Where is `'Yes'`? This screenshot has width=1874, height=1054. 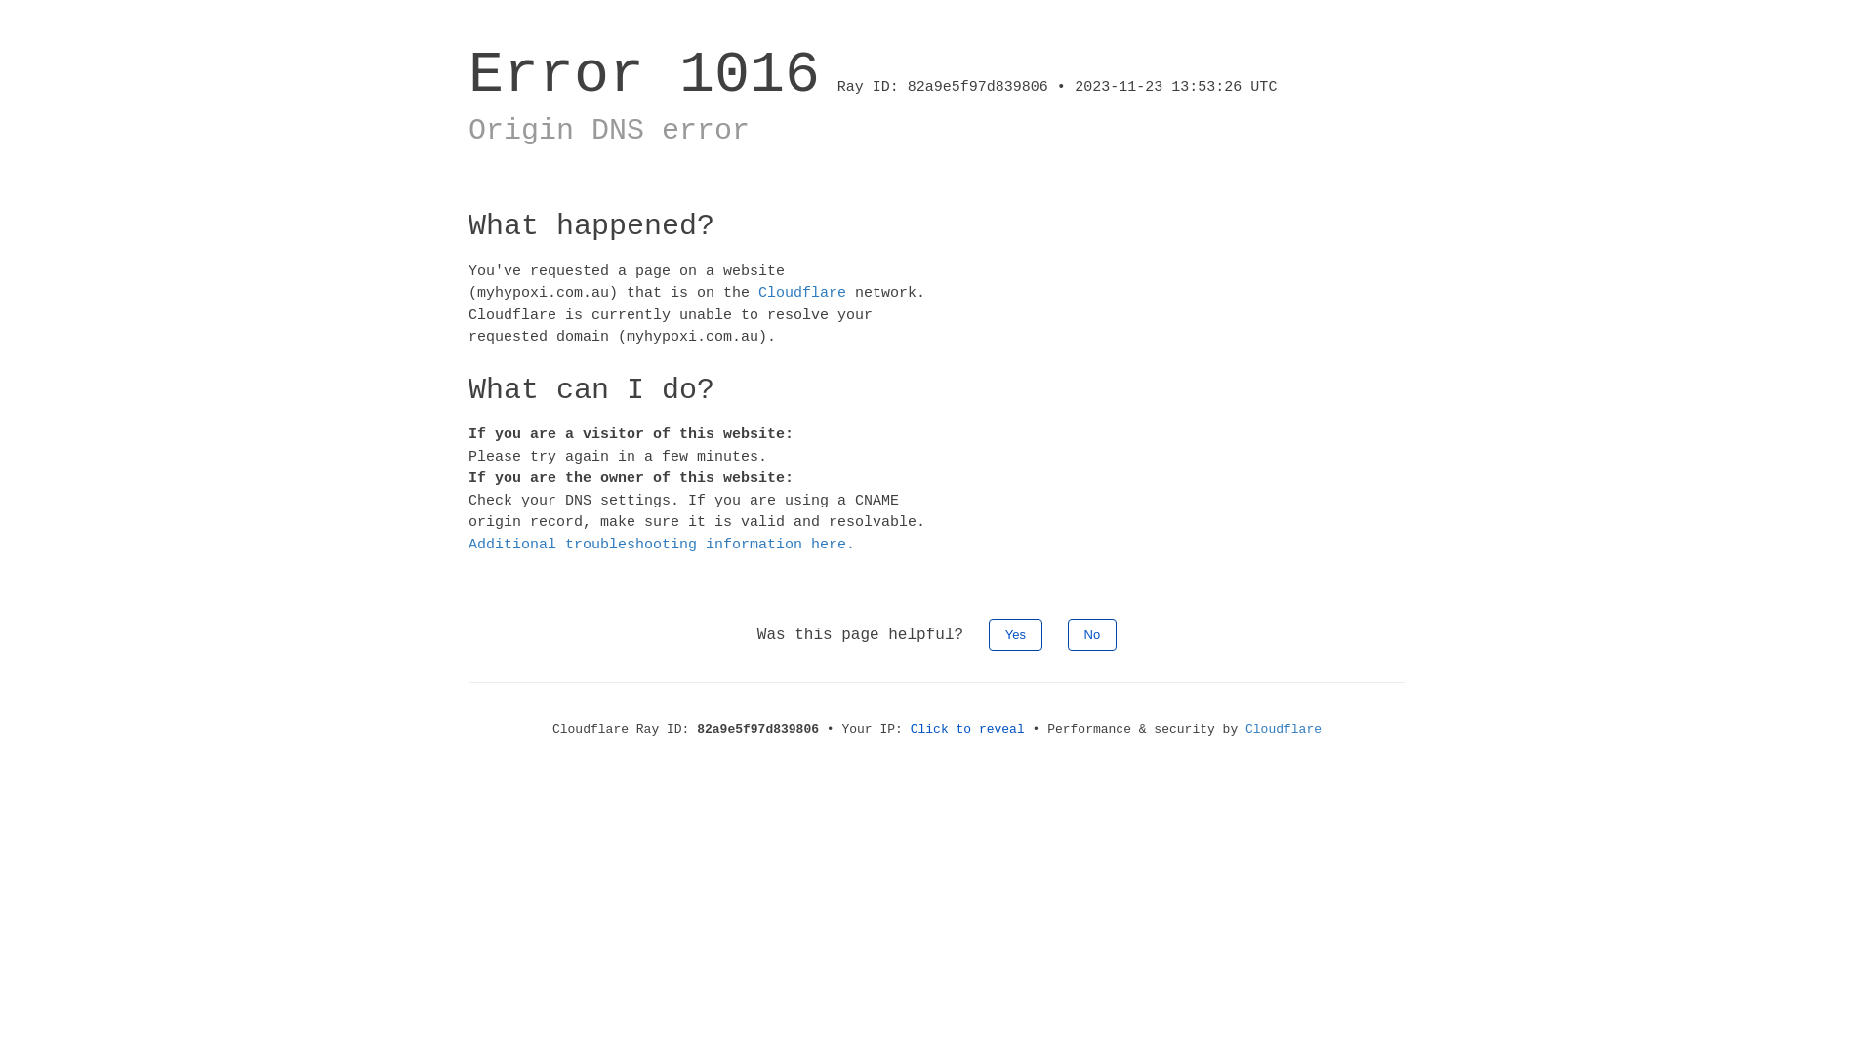 'Yes' is located at coordinates (988, 634).